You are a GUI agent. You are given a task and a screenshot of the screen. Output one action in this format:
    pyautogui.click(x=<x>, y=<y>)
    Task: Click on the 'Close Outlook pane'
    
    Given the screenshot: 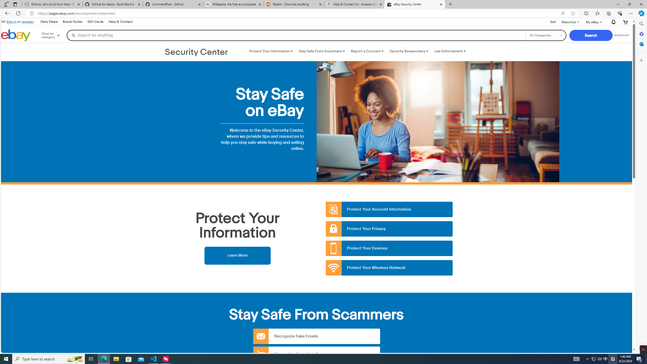 What is the action you would take?
    pyautogui.click(x=641, y=43)
    